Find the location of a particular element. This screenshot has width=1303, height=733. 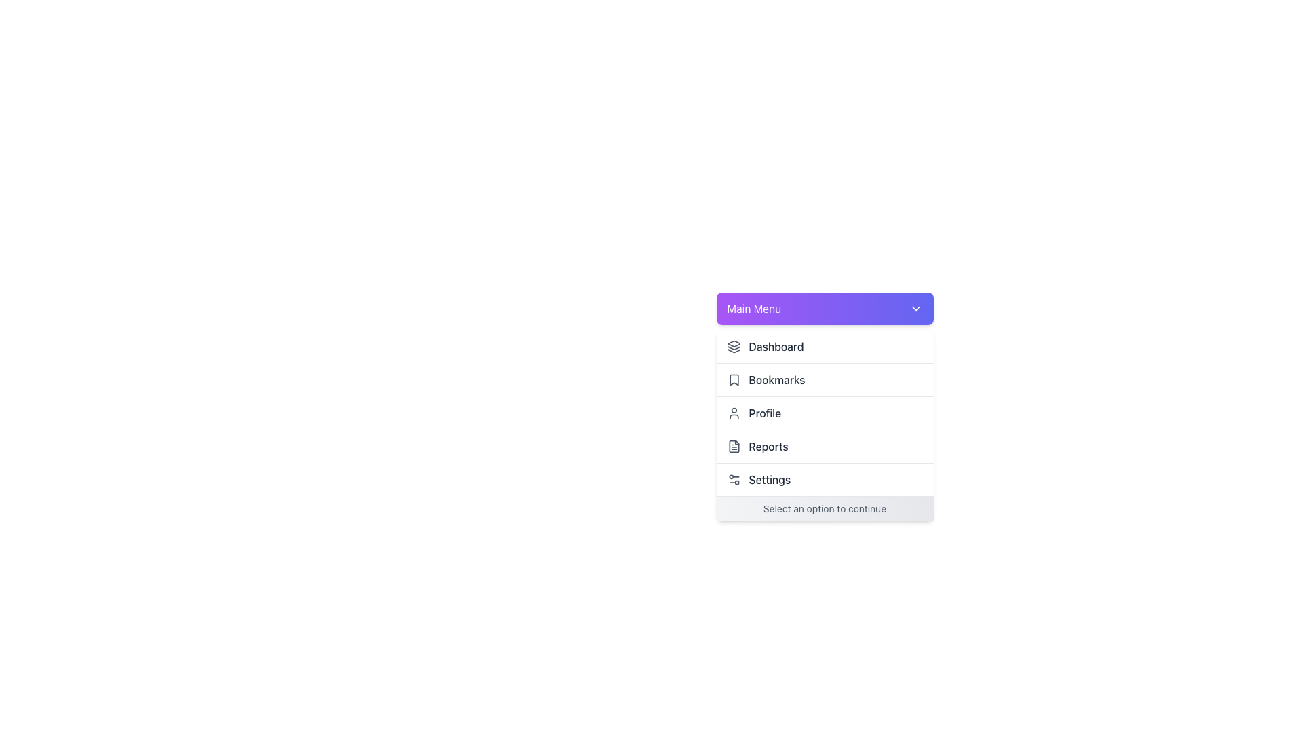

the Dashboard icon located in the first row of the Main Menu, which is directly to the left of the text label 'Dashboard' is located at coordinates (733, 345).